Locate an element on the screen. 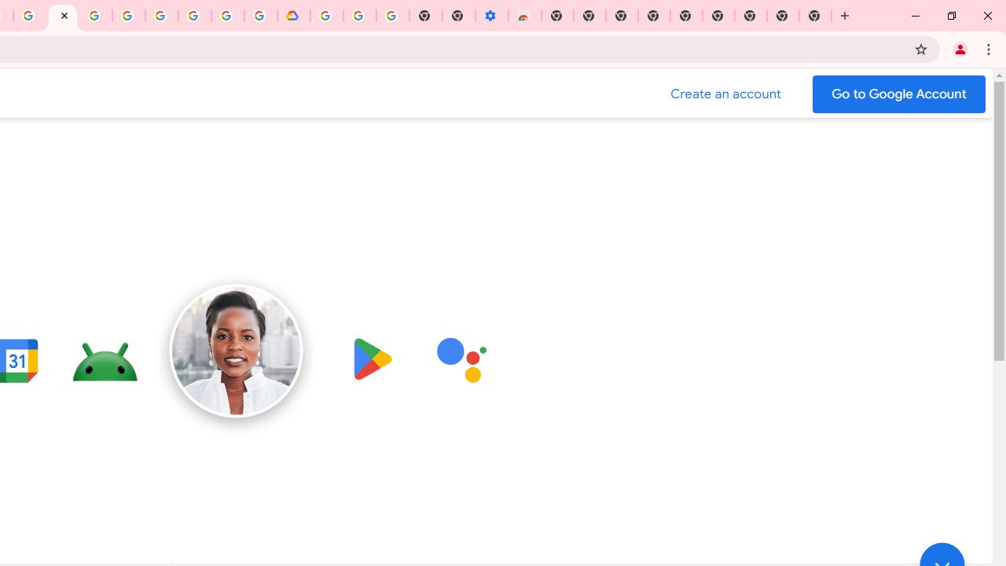 The height and width of the screenshot is (566, 1006). 'Chrome Web Store - Accessibility extensions' is located at coordinates (524, 16).